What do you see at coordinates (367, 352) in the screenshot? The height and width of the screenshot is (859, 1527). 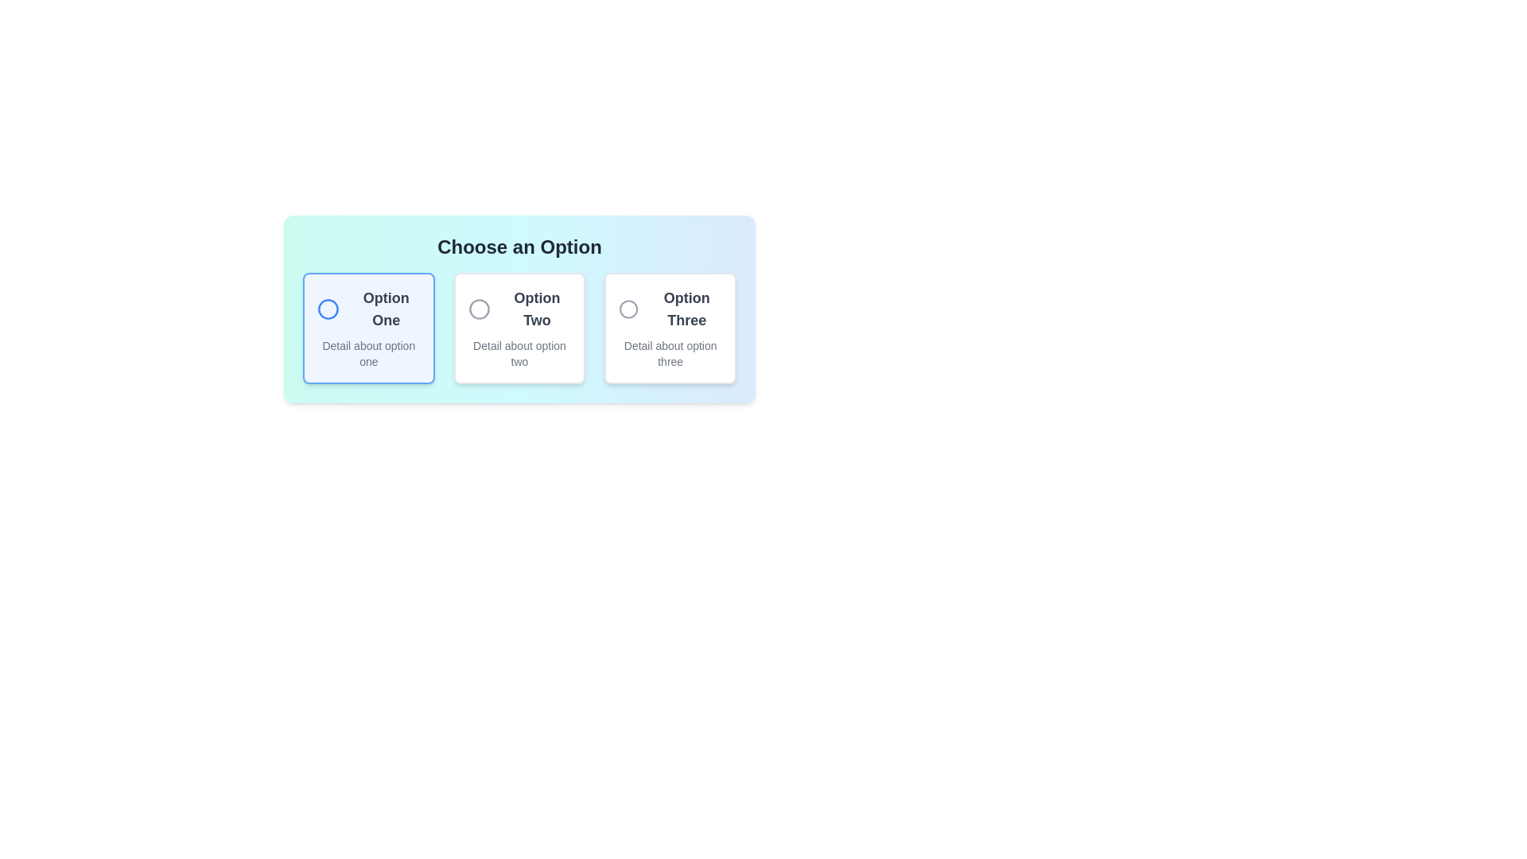 I see `the text area for descriptive information located below the label 'Option One' in the first card of the three-option selection group` at bounding box center [367, 352].